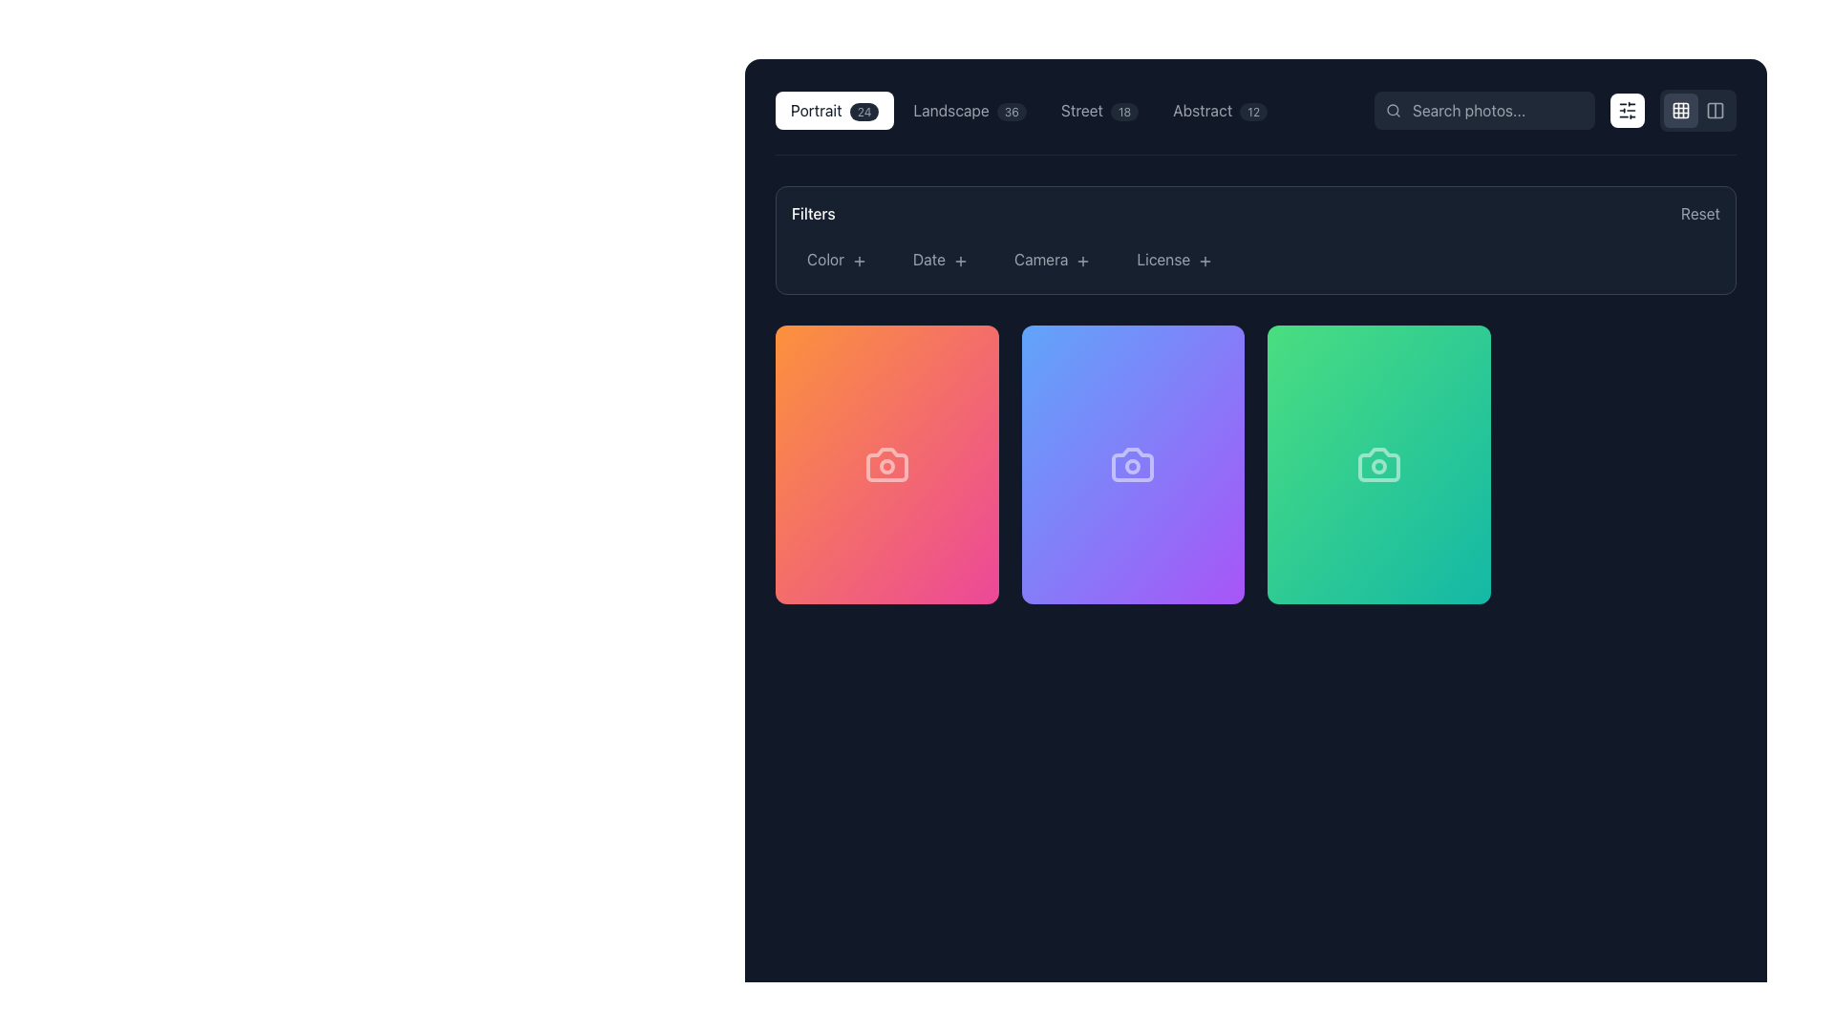  I want to click on the camera icon located on the rightmost card in a row of three, which is centered horizontally and vertically aligned within the green card, so click(1378, 464).